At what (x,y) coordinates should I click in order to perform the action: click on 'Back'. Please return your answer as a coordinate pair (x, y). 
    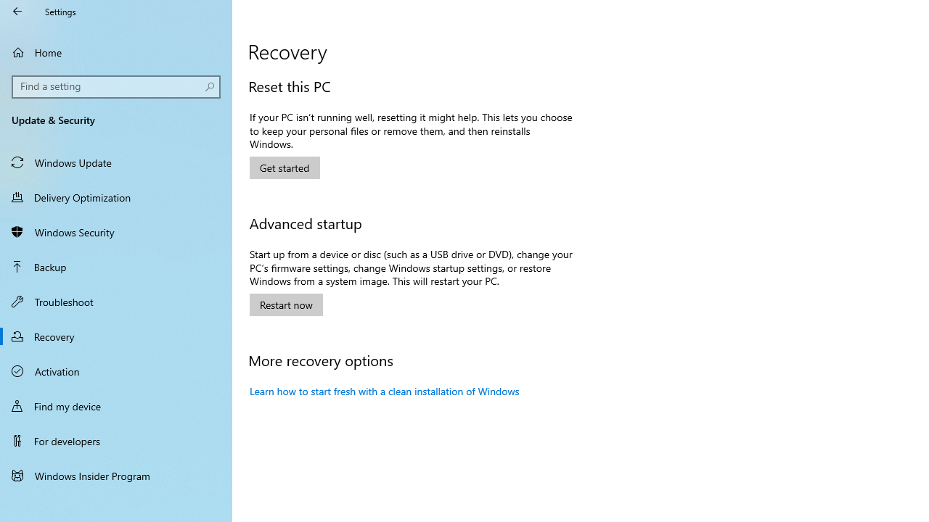
    Looking at the image, I should click on (17, 11).